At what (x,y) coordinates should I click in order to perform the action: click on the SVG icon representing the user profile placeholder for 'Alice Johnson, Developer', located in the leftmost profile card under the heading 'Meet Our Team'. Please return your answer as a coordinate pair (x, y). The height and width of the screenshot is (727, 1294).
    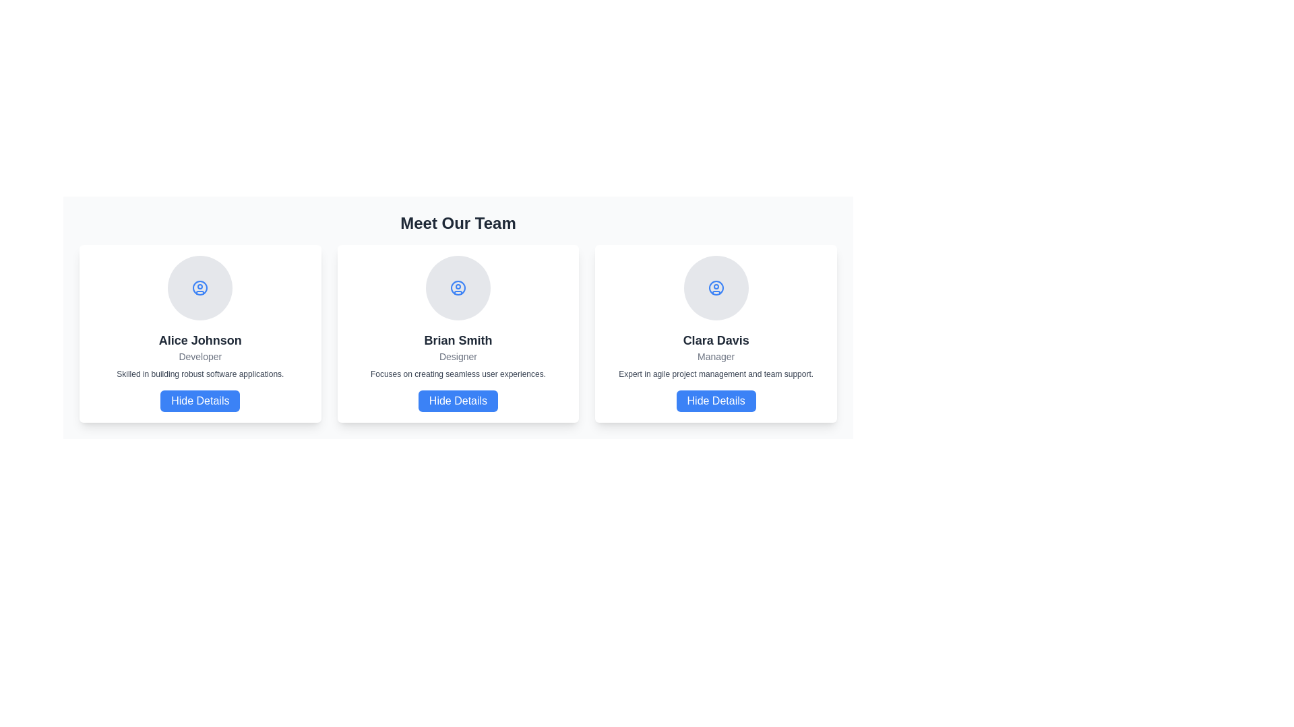
    Looking at the image, I should click on (199, 287).